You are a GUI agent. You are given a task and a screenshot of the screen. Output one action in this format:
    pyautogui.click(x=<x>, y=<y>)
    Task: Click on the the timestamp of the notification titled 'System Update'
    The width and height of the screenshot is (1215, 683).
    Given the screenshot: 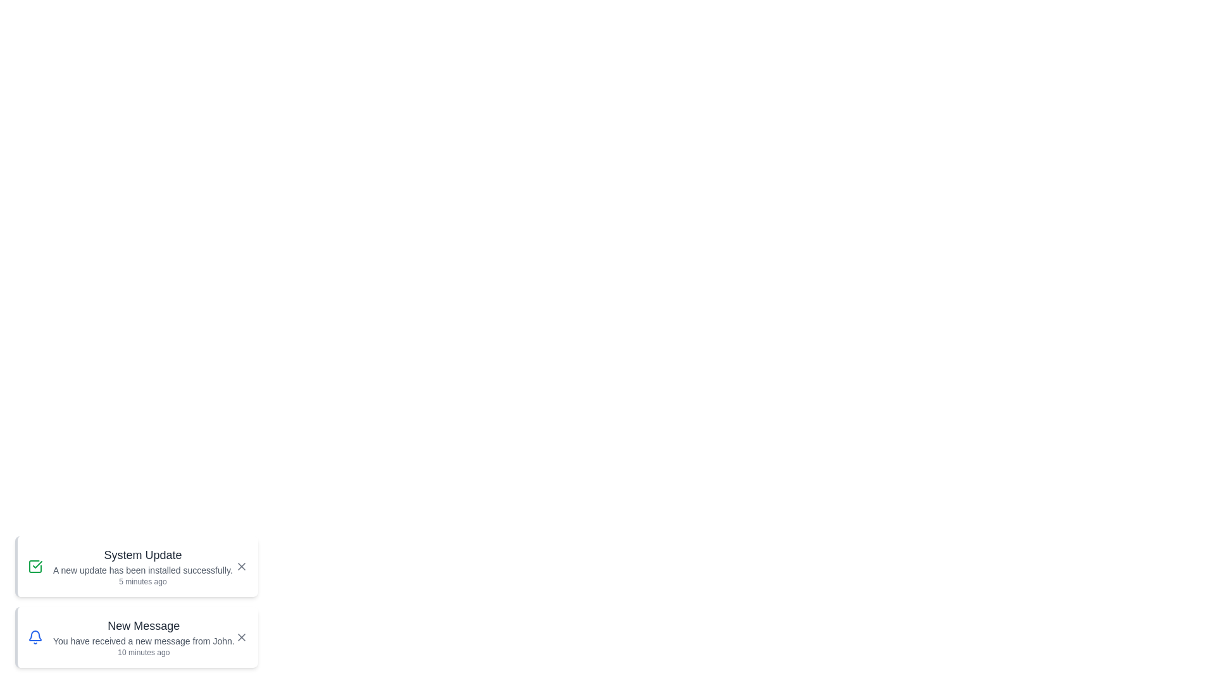 What is the action you would take?
    pyautogui.click(x=142, y=582)
    